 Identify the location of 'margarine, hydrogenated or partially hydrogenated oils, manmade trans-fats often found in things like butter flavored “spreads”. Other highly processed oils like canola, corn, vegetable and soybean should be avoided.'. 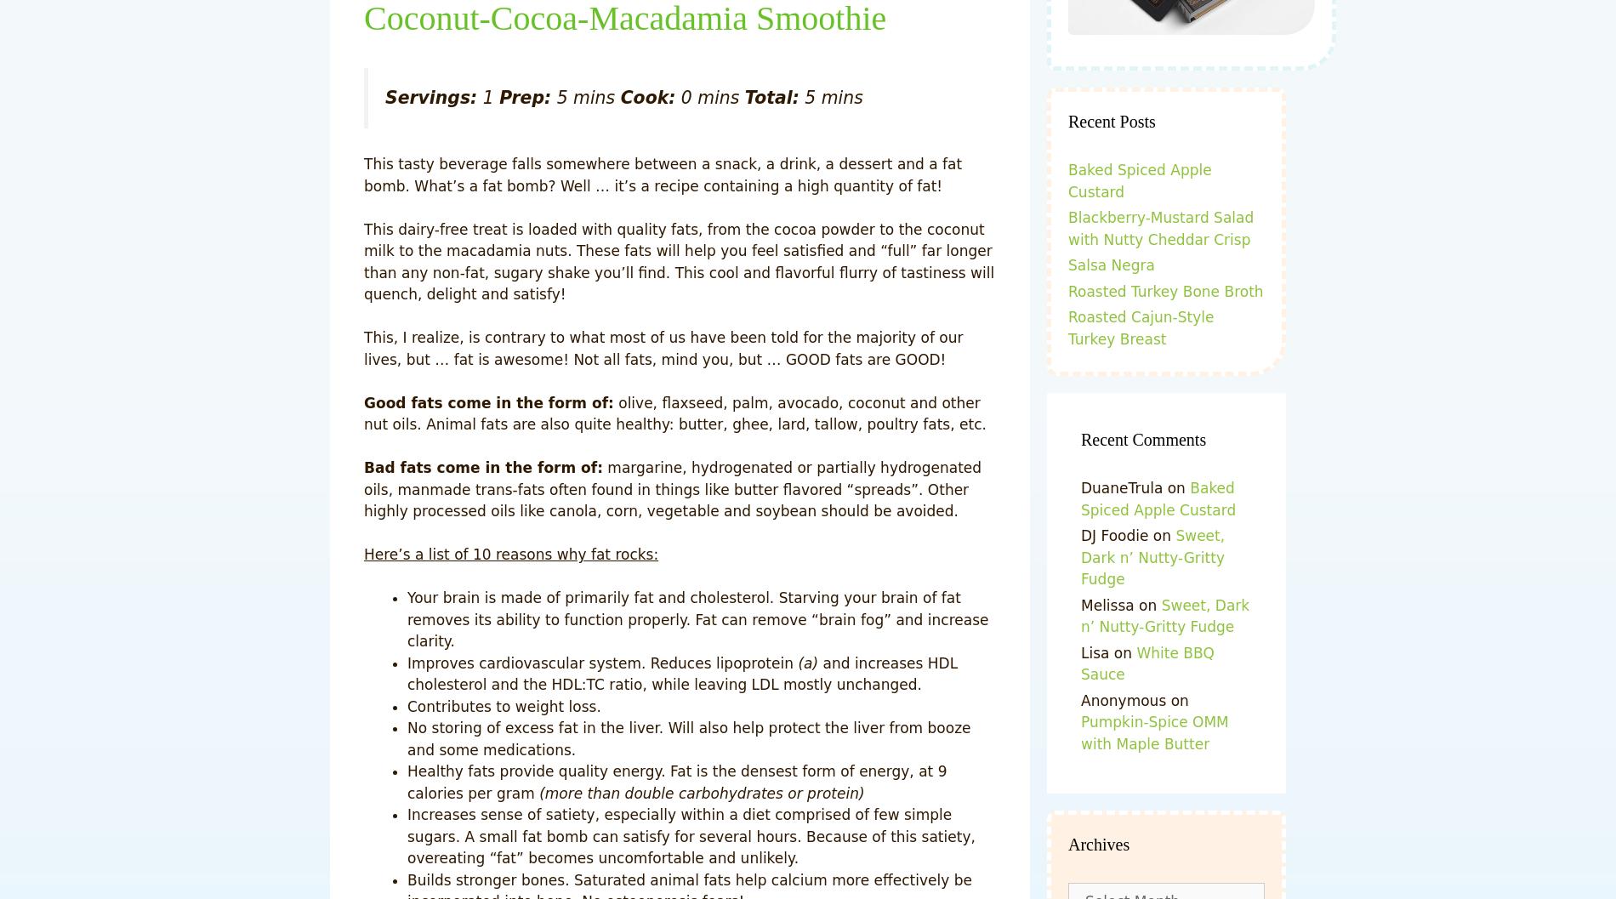
(363, 488).